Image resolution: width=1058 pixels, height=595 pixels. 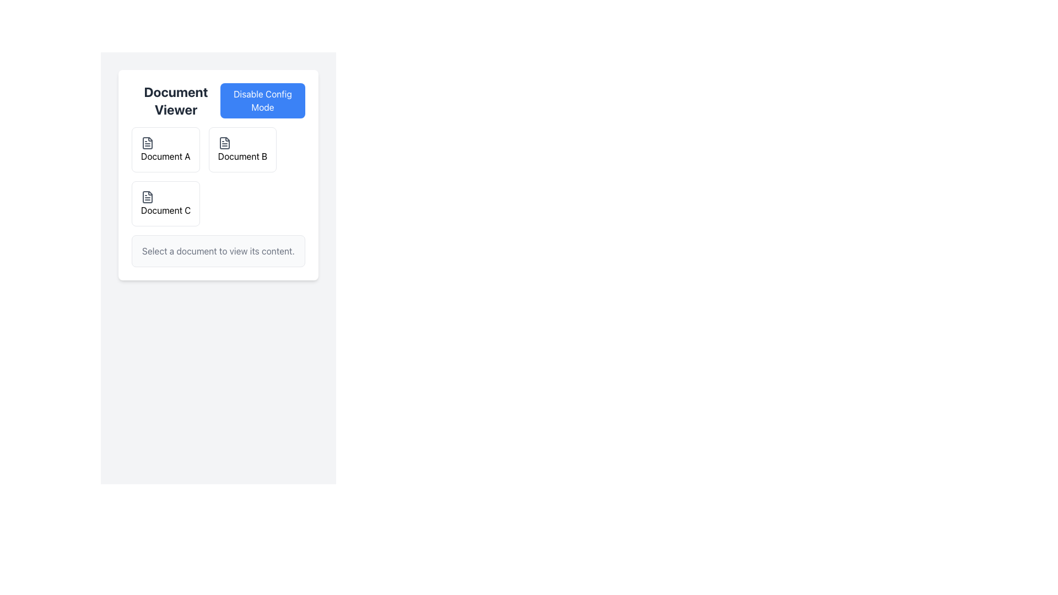 I want to click on the interactive document selector element representing 'Document B', so click(x=218, y=176).